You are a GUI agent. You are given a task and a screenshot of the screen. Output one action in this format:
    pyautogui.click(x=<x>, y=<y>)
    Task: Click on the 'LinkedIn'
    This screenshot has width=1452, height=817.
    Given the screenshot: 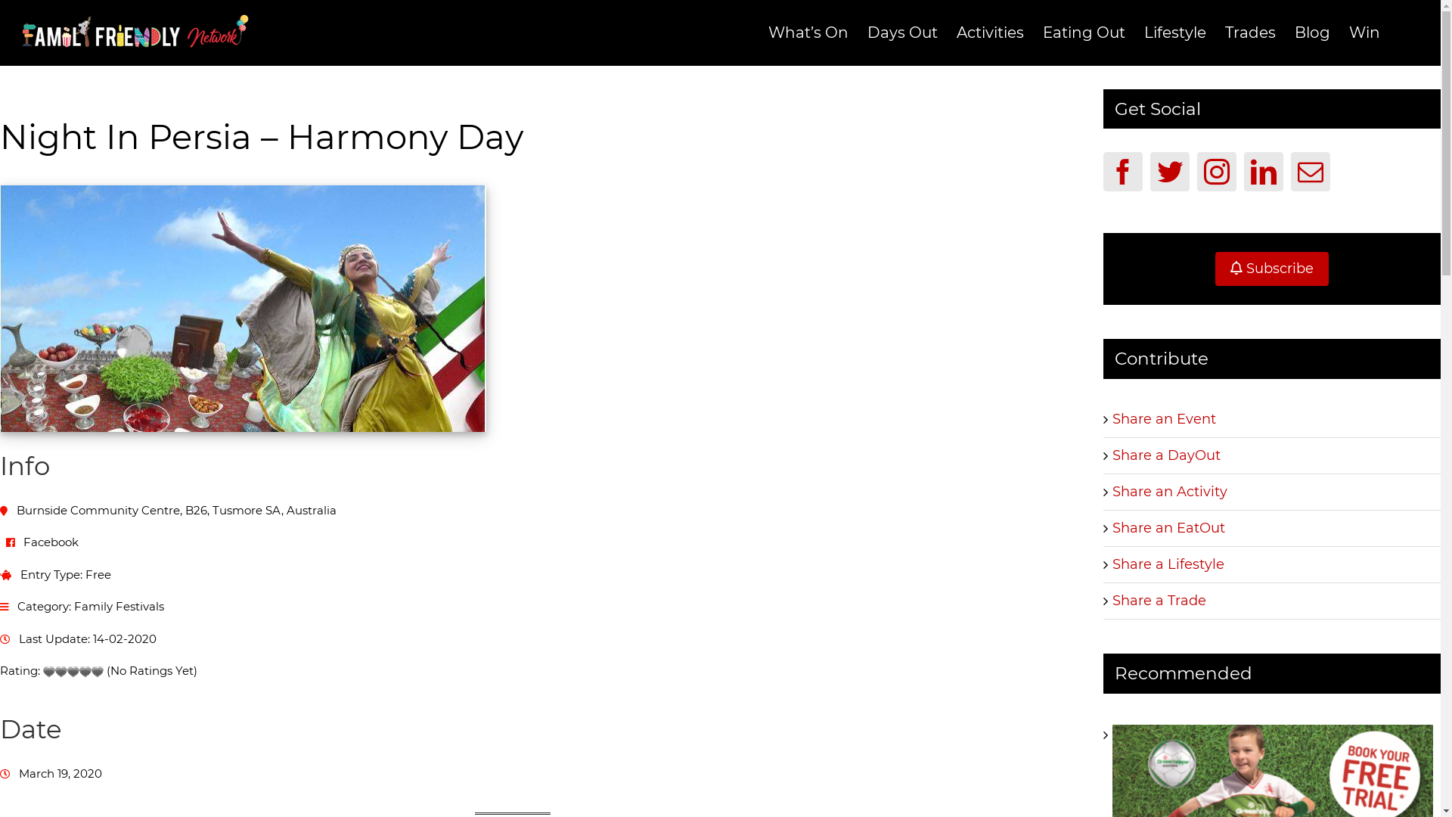 What is the action you would take?
    pyautogui.click(x=1263, y=171)
    